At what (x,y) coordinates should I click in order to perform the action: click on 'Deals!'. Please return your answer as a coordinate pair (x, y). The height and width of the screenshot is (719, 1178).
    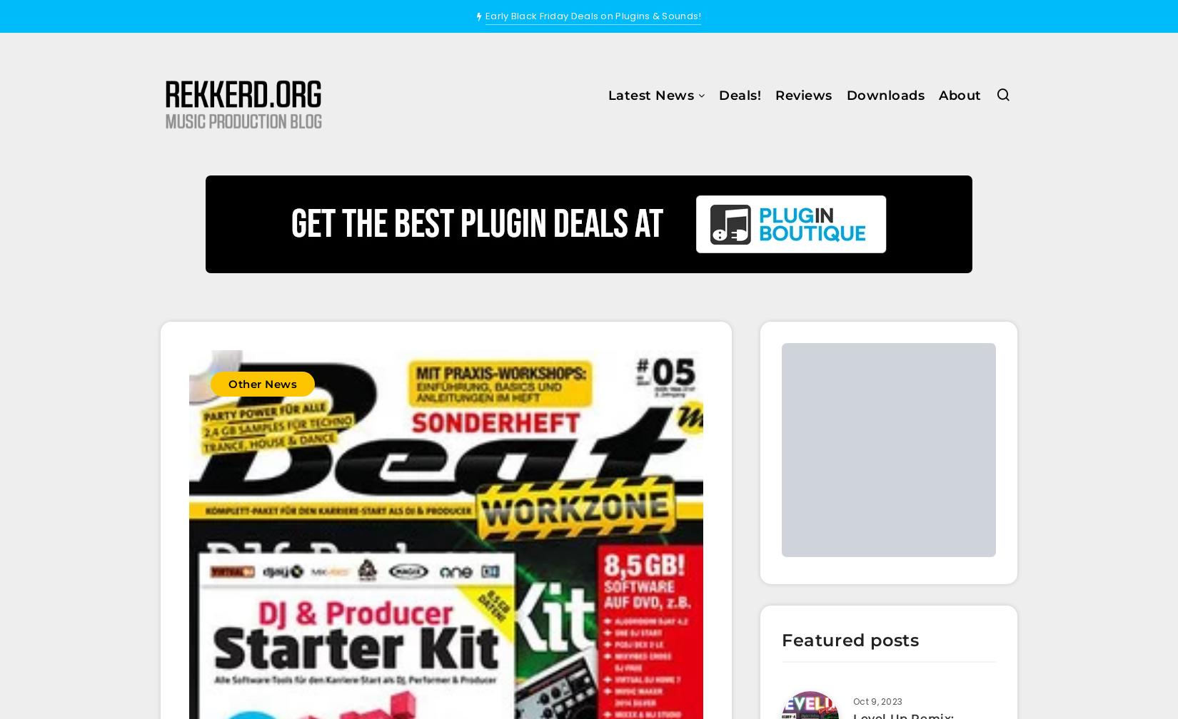
    Looking at the image, I should click on (718, 95).